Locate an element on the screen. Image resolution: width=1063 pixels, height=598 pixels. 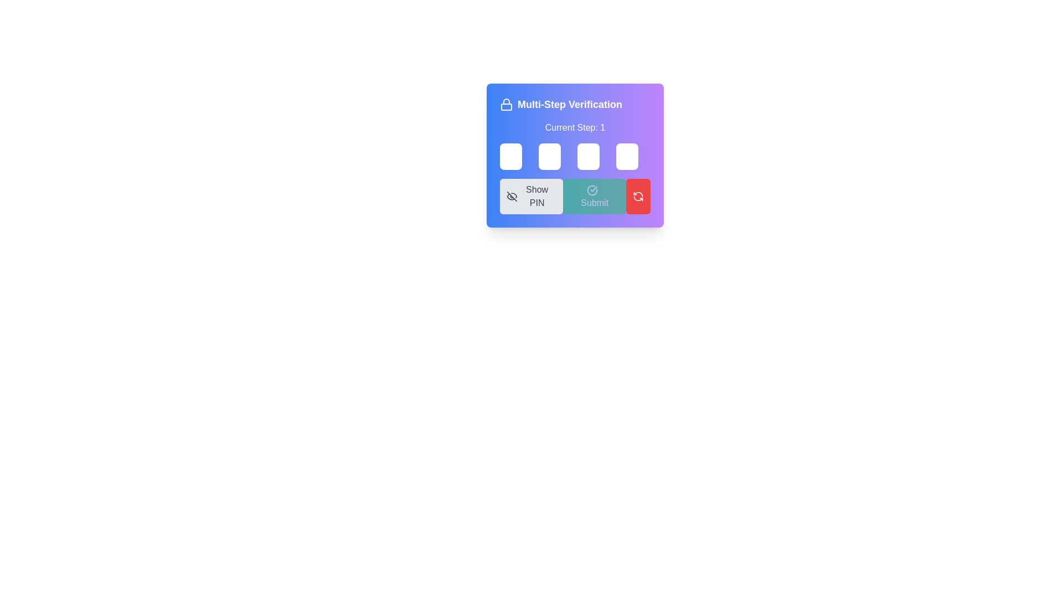
the submission button located between the 'Show PIN' button and a red refresh button is located at coordinates (594, 195).